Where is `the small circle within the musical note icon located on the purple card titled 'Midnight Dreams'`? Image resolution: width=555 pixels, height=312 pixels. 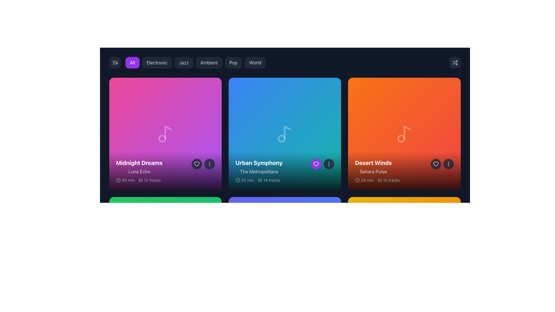
the small circle within the musical note icon located on the purple card titled 'Midnight Dreams' is located at coordinates (162, 138).